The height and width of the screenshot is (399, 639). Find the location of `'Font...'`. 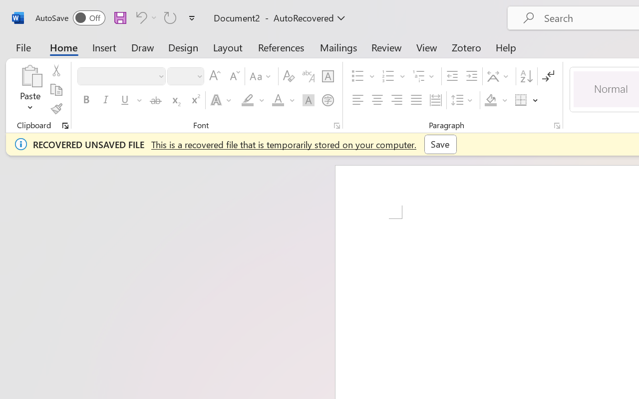

'Font...' is located at coordinates (337, 125).